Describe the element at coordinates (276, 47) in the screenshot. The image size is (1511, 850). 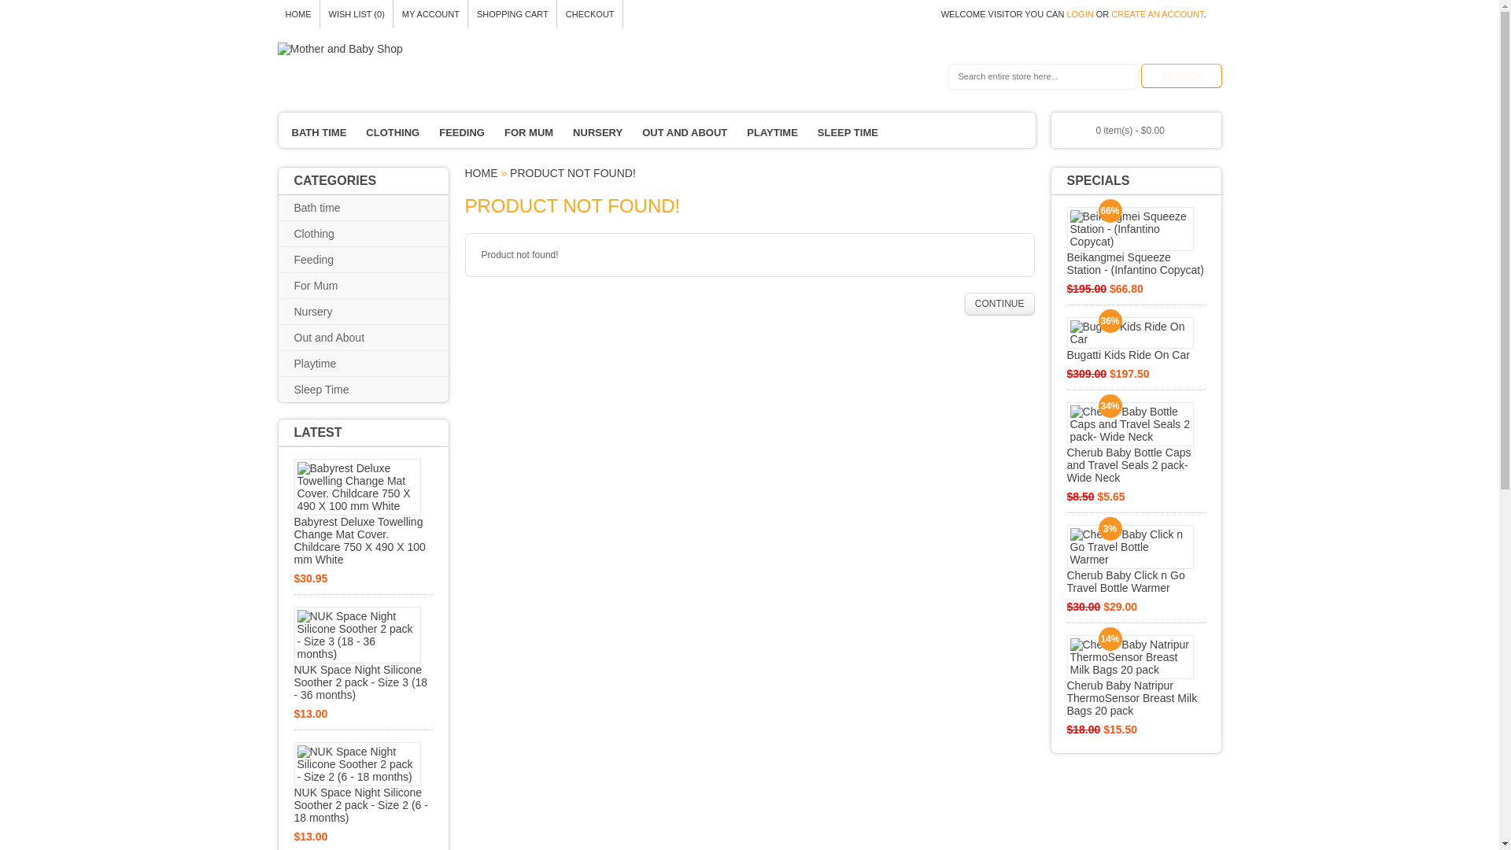
I see `'Mother and Baby Shop'` at that location.